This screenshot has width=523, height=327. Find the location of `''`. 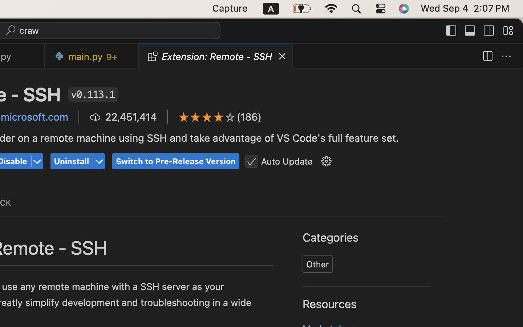

'' is located at coordinates (470, 30).